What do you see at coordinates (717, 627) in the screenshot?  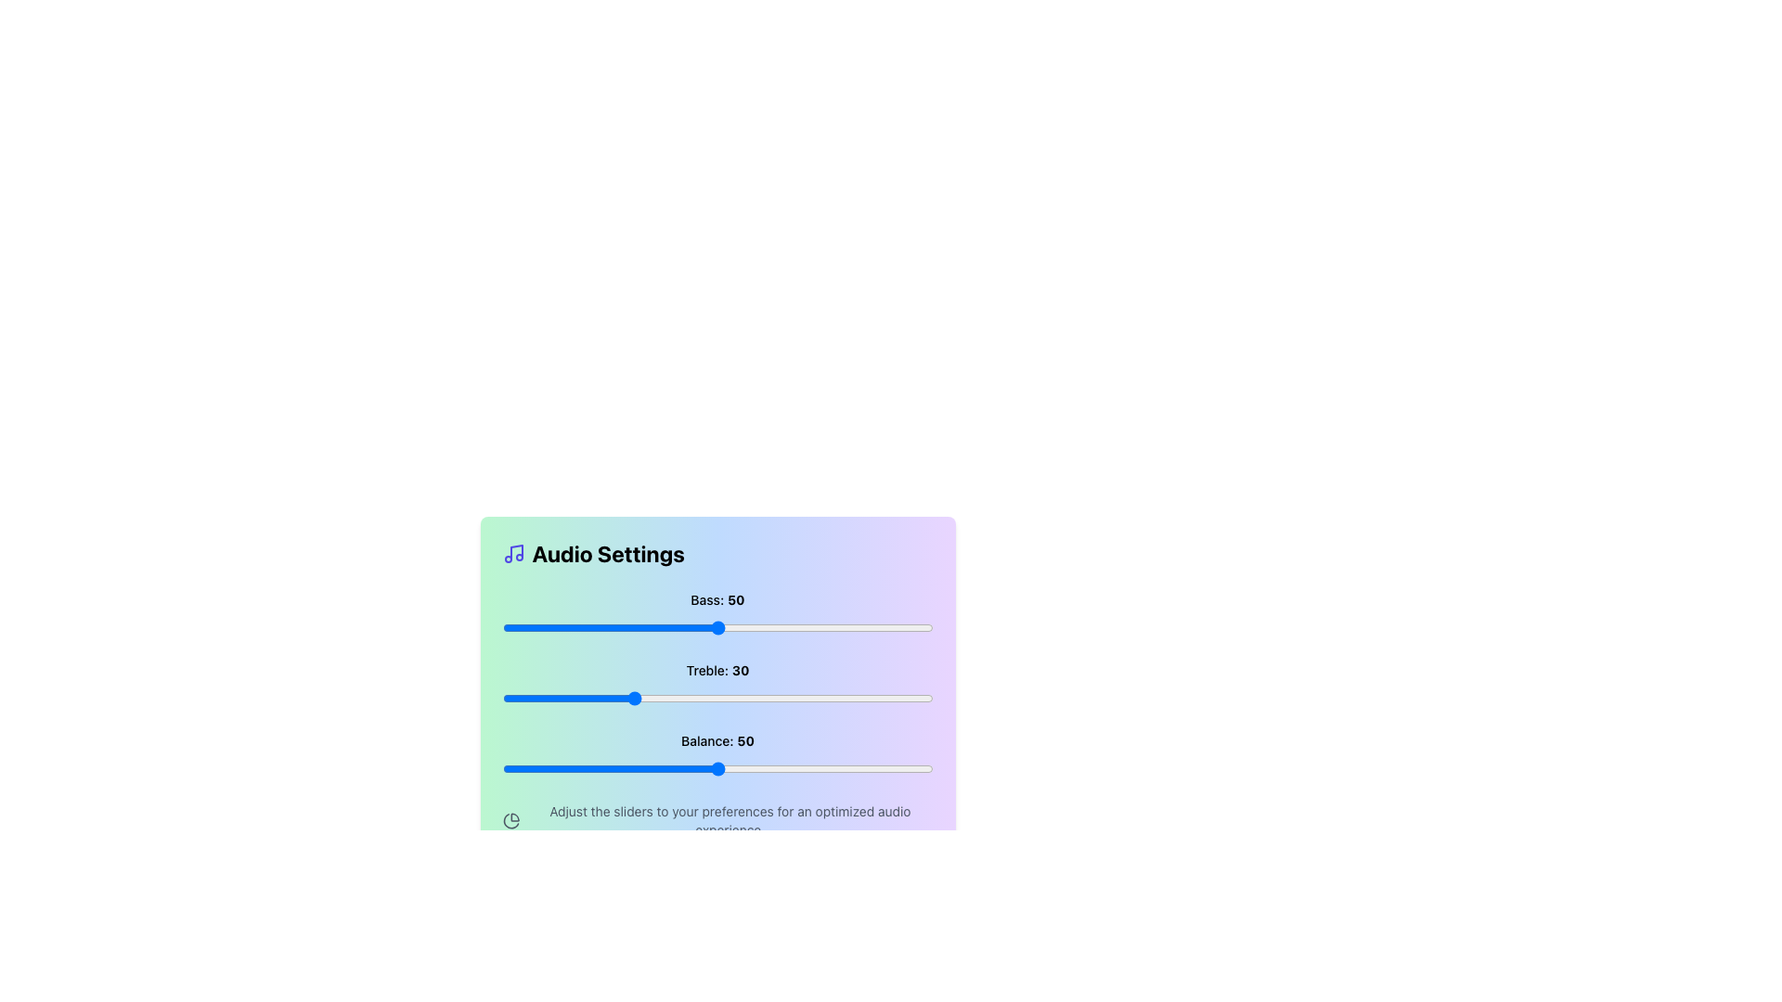 I see `the handle of the bass level slider located beneath the label 'Bass: 50' in the 'Audio Settings' panel` at bounding box center [717, 627].